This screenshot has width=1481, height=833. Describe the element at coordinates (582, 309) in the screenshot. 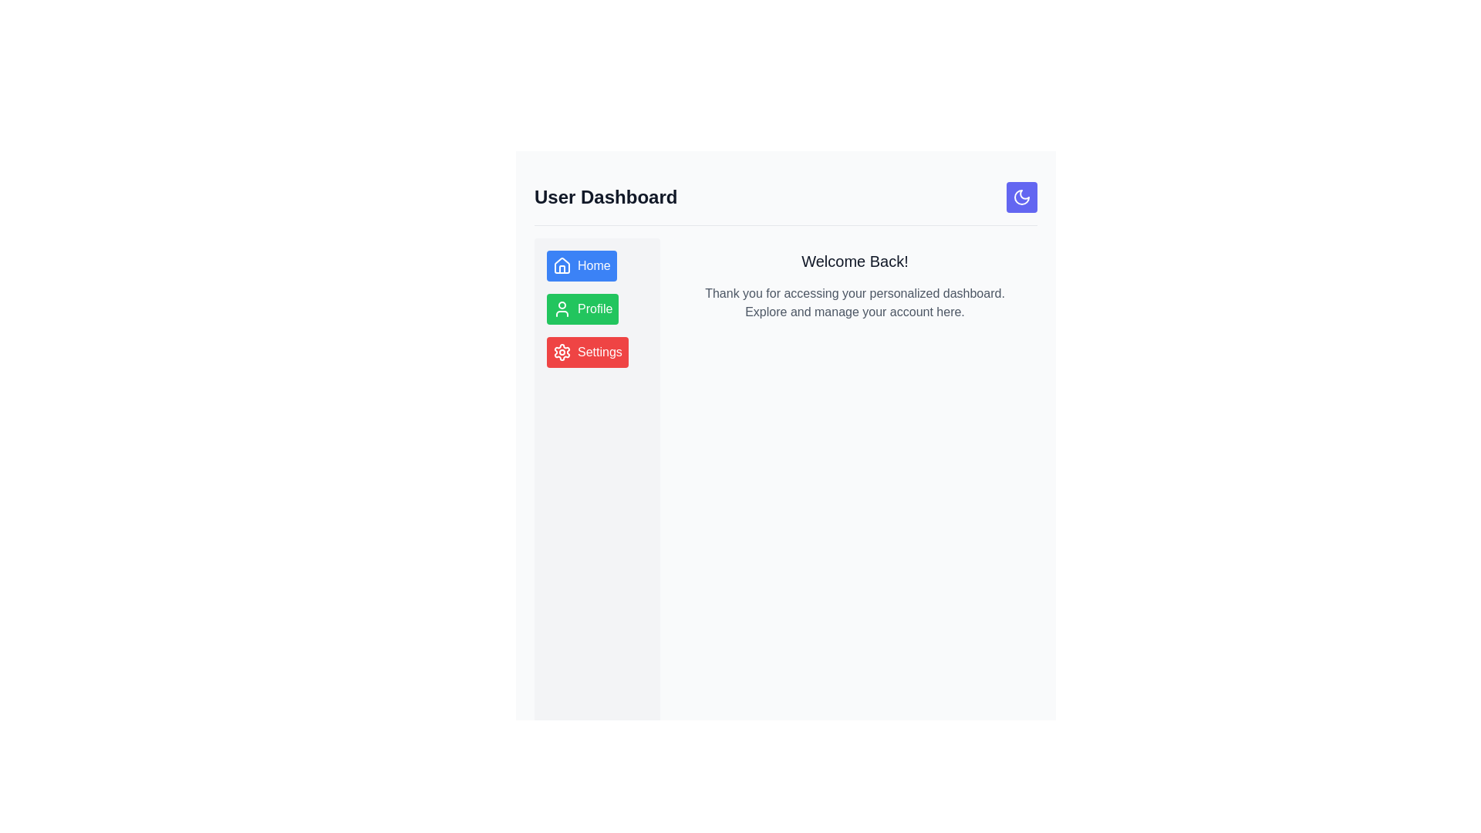

I see `the navigation button located as the second item in the vertical menu` at that location.